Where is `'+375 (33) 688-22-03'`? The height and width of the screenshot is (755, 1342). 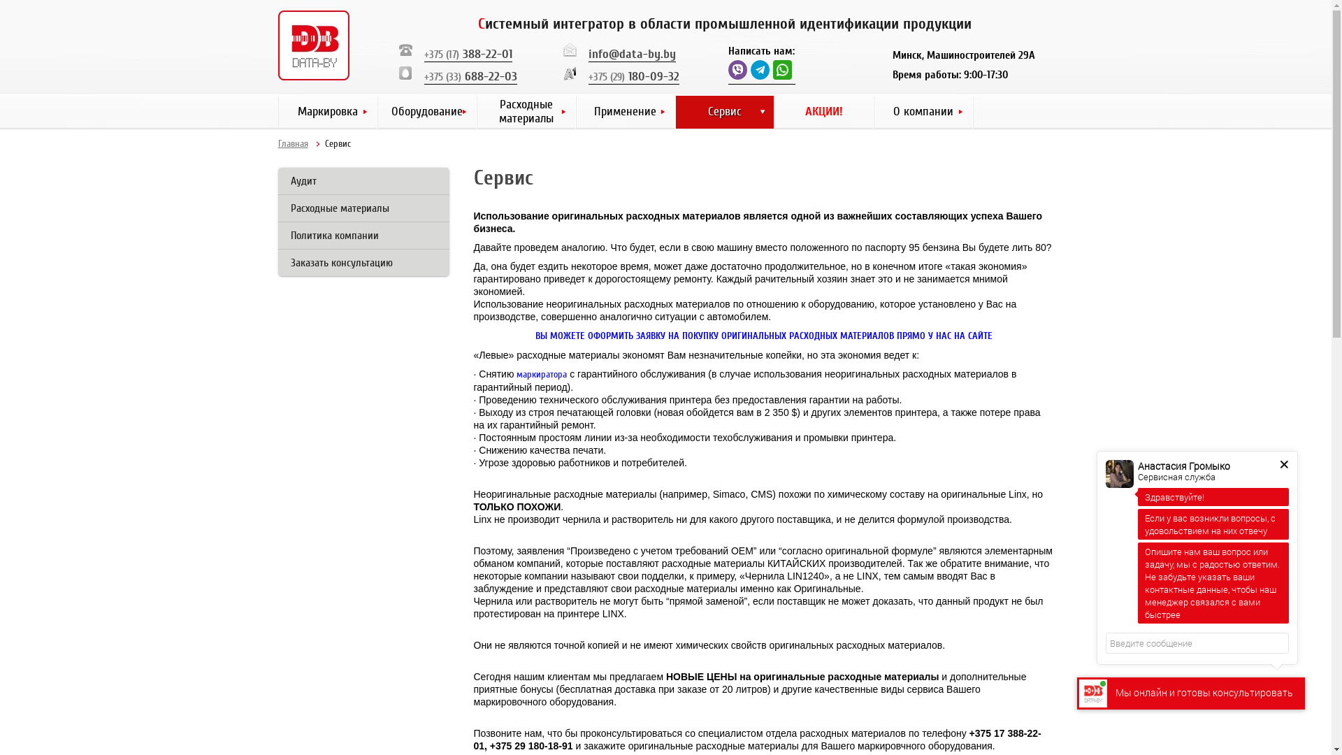 '+375 (33) 688-22-03' is located at coordinates (422, 77).